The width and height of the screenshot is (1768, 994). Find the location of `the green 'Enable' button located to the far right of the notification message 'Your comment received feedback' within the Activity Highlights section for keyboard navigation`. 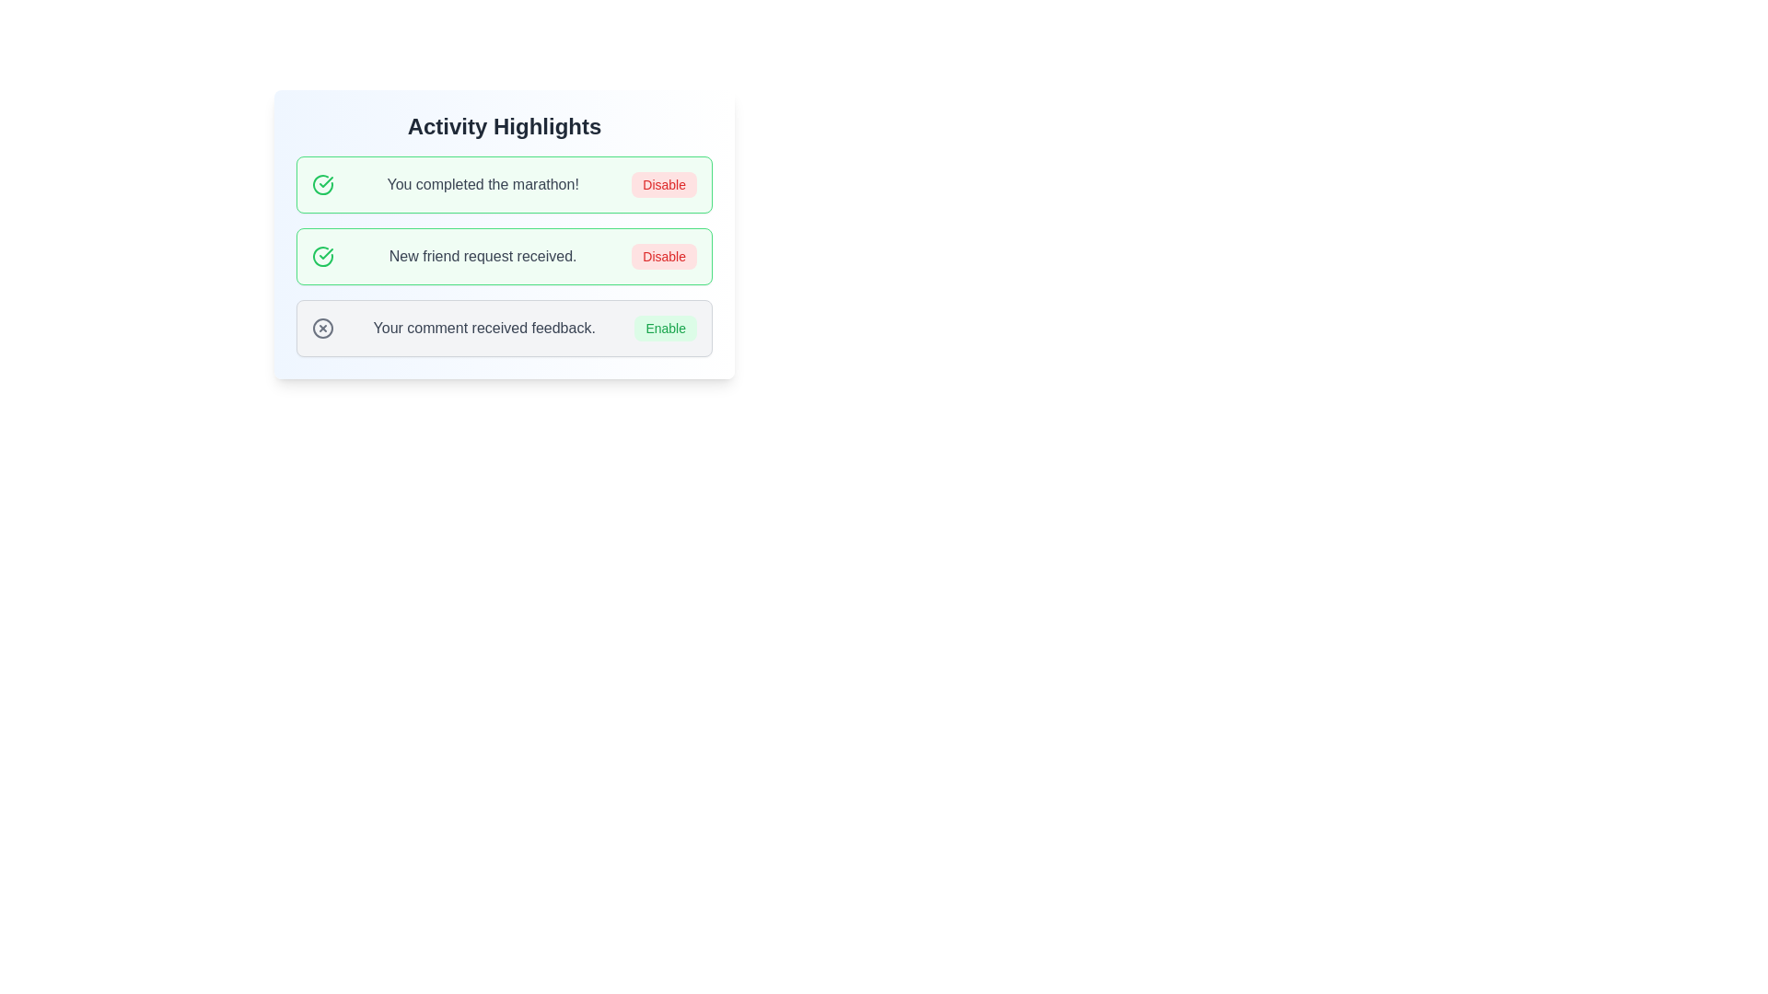

the green 'Enable' button located to the far right of the notification message 'Your comment received feedback' within the Activity Highlights section for keyboard navigation is located at coordinates (665, 328).